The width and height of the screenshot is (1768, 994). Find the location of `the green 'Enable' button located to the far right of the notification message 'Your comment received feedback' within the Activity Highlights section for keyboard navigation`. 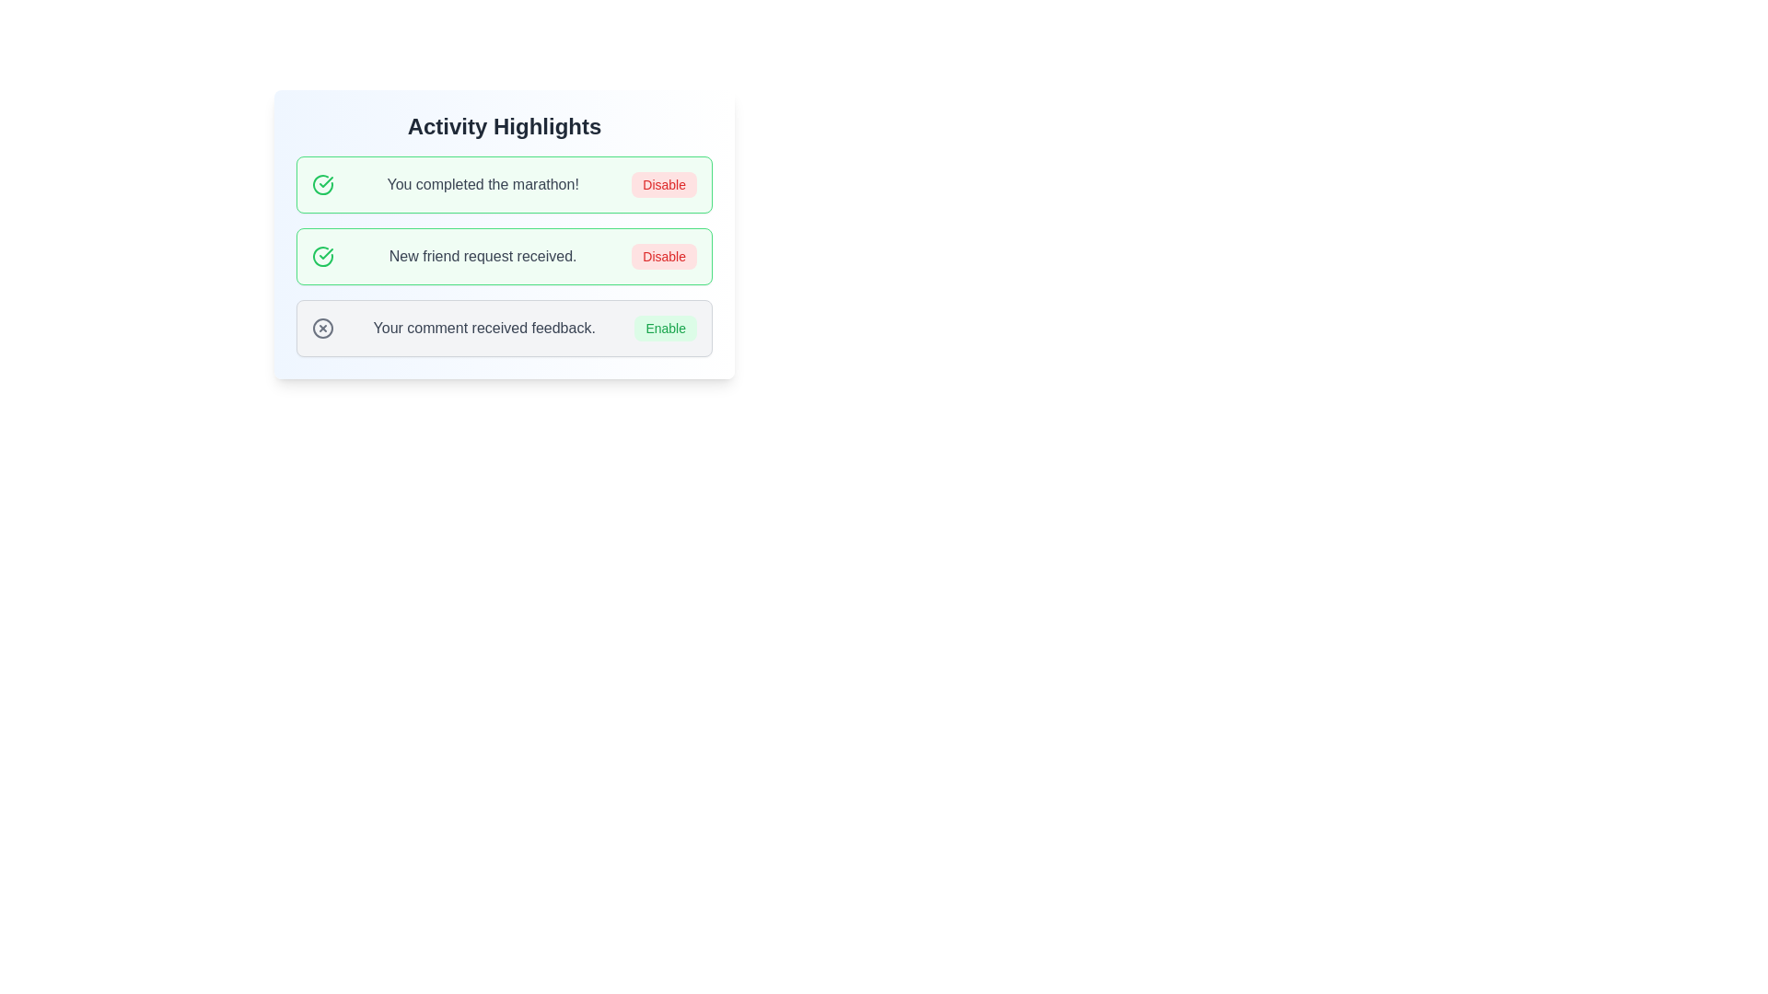

the green 'Enable' button located to the far right of the notification message 'Your comment received feedback' within the Activity Highlights section for keyboard navigation is located at coordinates (665, 328).